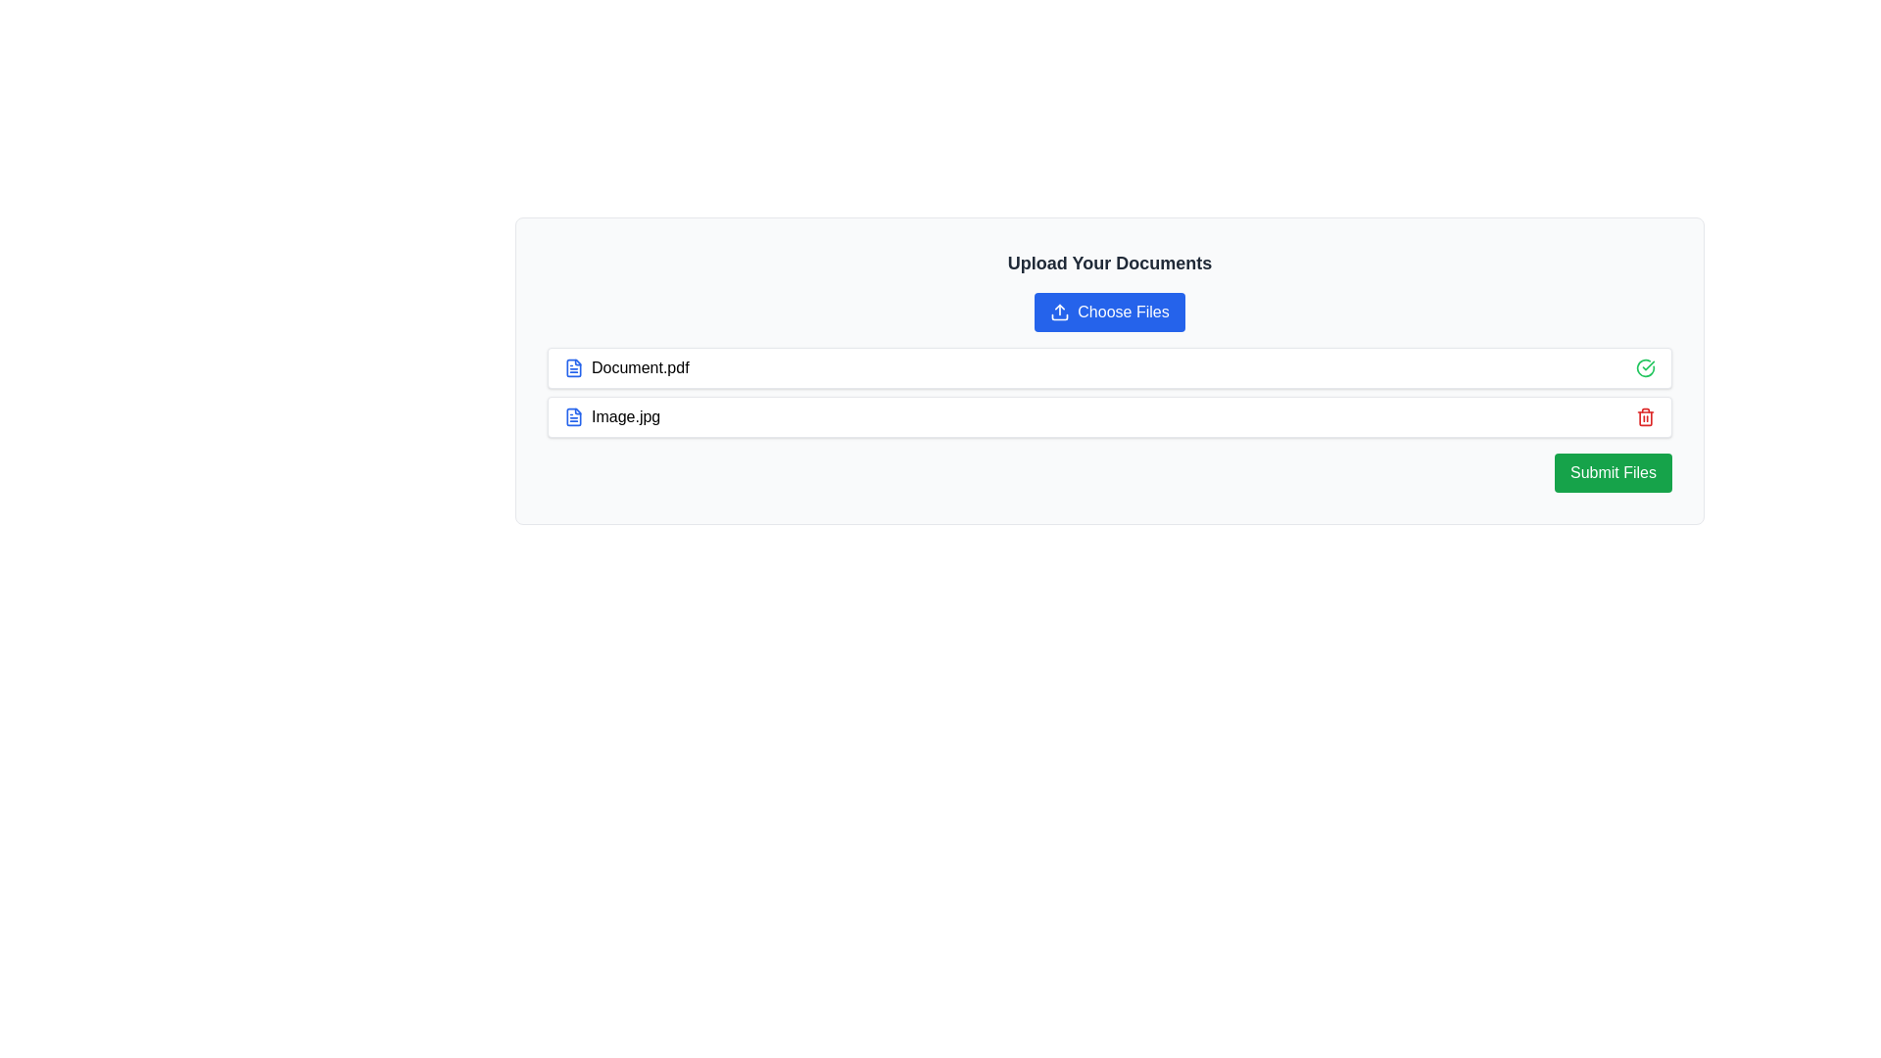  What do you see at coordinates (1124, 312) in the screenshot?
I see `the text label within the upload button located at the top center of the interface, just below the 'Upload Your Documents' heading` at bounding box center [1124, 312].